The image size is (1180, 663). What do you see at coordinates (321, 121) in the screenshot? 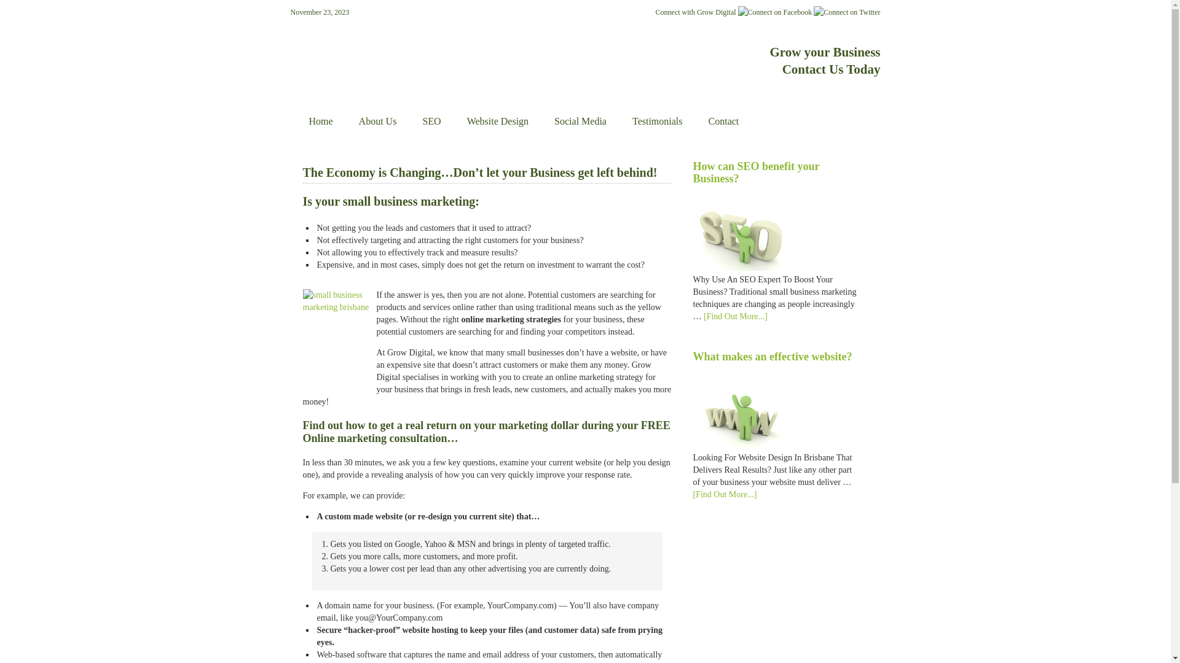
I see `'Home'` at bounding box center [321, 121].